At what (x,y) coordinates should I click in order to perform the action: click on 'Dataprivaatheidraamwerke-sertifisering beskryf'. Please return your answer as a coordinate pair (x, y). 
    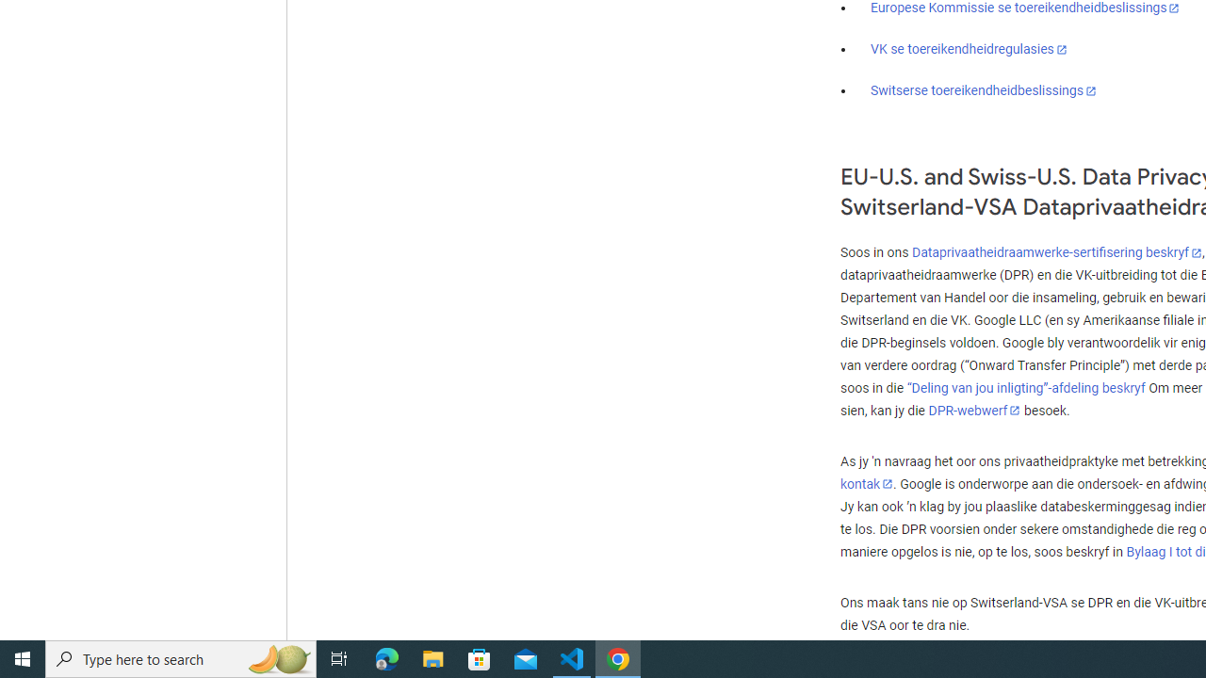
    Looking at the image, I should click on (1056, 251).